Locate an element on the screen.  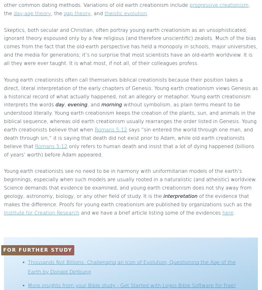
'Young earth creationists often call themselves biblical creationists because their position takes a direct, literal interpretation of the early chapters of Genesis. Young earth creationism views Genesis as a historical record of what actually happened, not an allegory or metaphor. Young earth creationism interprets the words' is located at coordinates (130, 92).